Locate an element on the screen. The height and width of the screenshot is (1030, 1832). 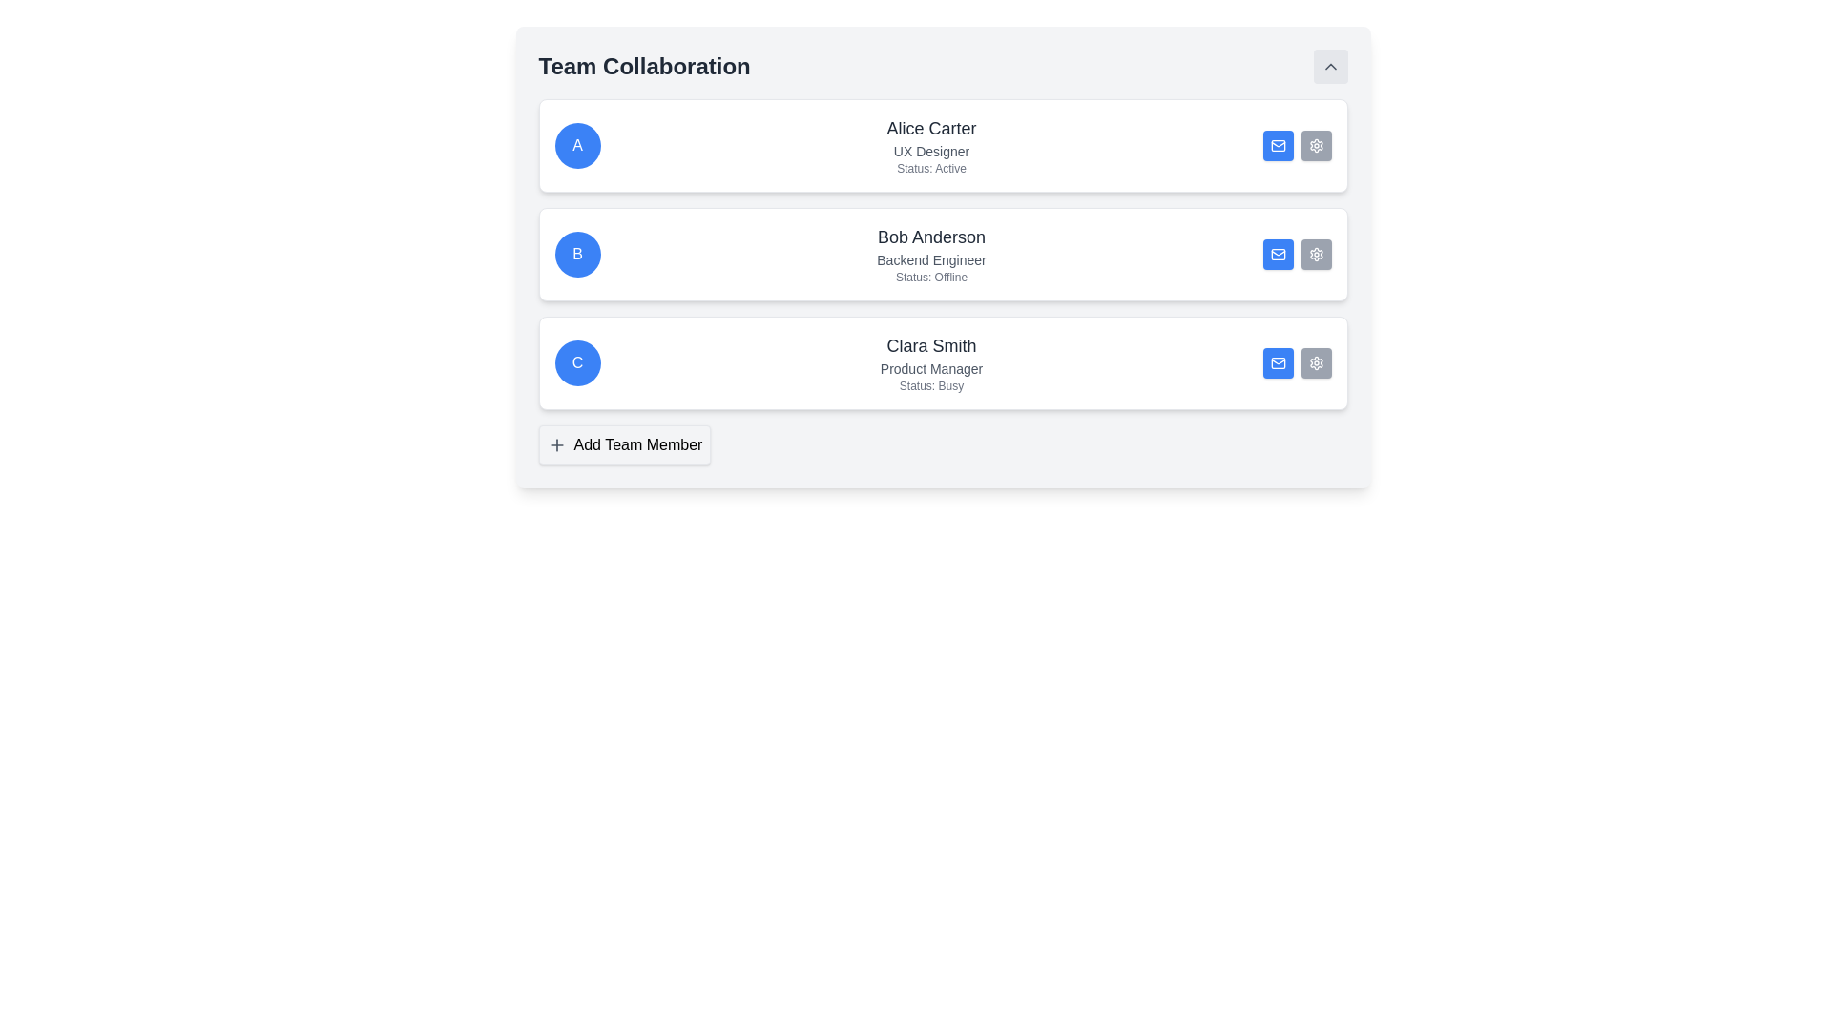
the button associated with 'Alice Carter' in the 'Team Collaboration' section is located at coordinates (1278, 145).